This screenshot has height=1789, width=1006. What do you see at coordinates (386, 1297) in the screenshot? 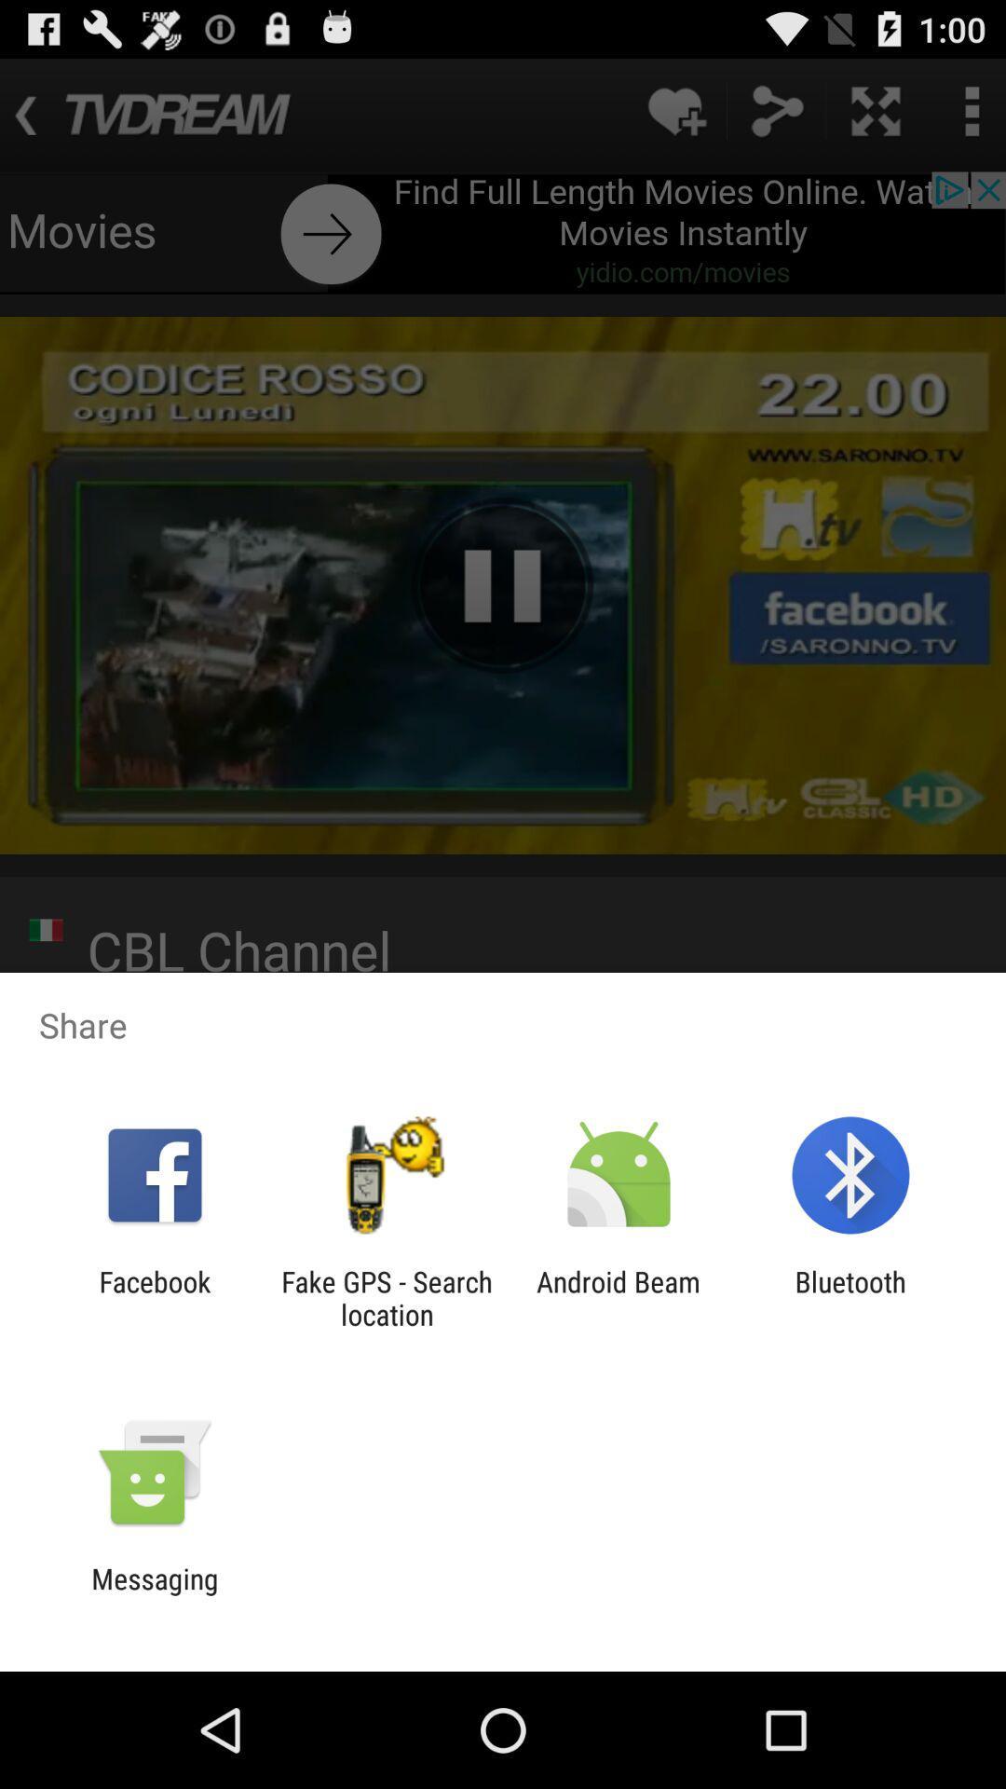
I see `app next to facebook icon` at bounding box center [386, 1297].